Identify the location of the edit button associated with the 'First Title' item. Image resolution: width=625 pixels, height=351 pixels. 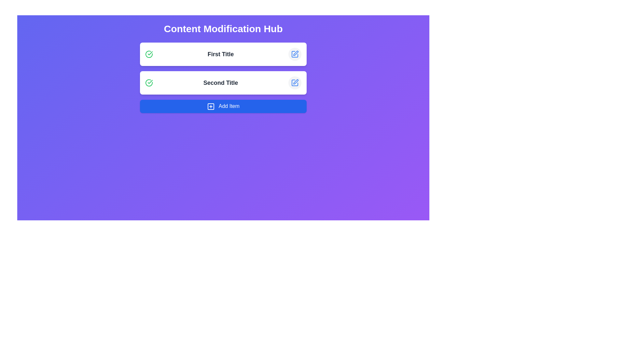
(295, 54).